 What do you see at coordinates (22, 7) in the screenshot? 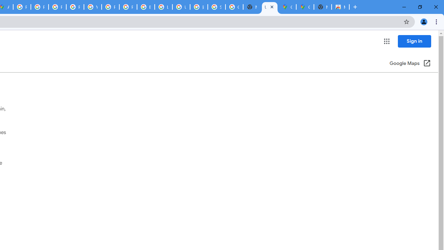
I see `'Policy Accountability and Transparency - Transparency Center'` at bounding box center [22, 7].